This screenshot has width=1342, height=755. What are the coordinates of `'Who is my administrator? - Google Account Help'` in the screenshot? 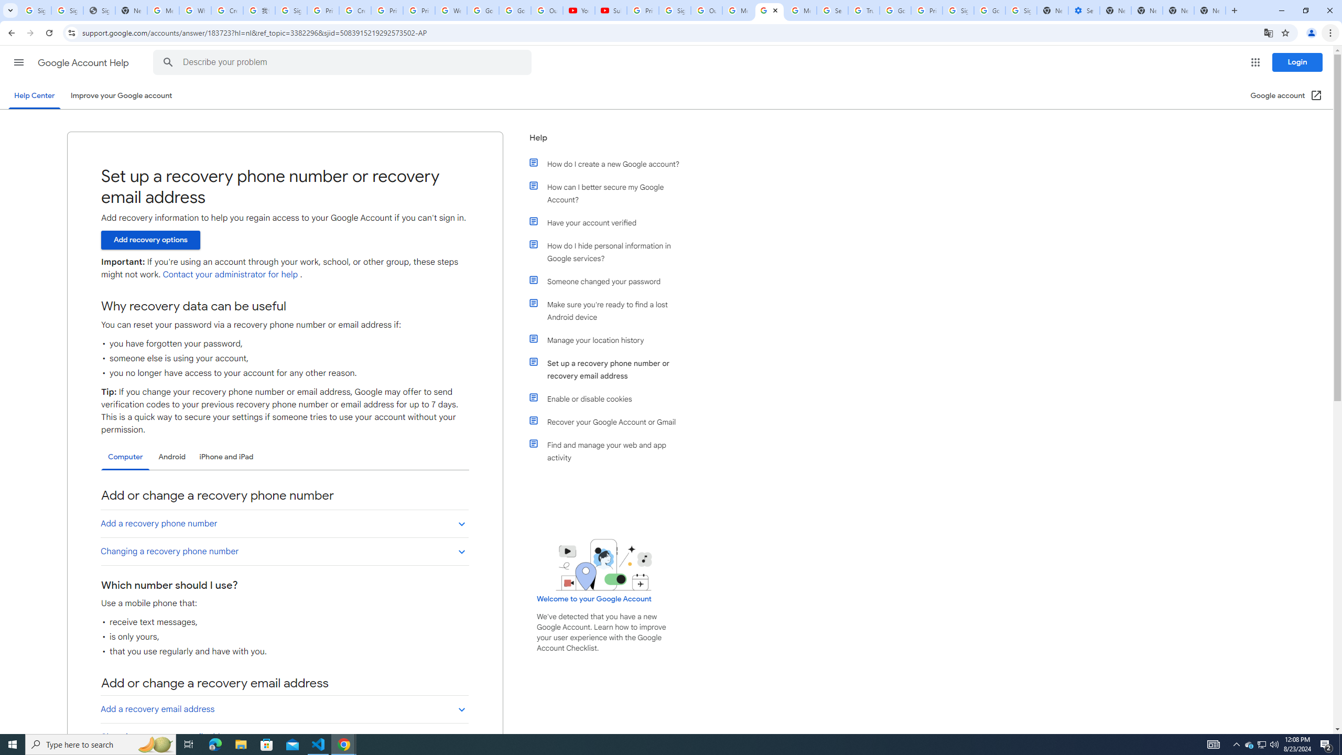 It's located at (194, 10).